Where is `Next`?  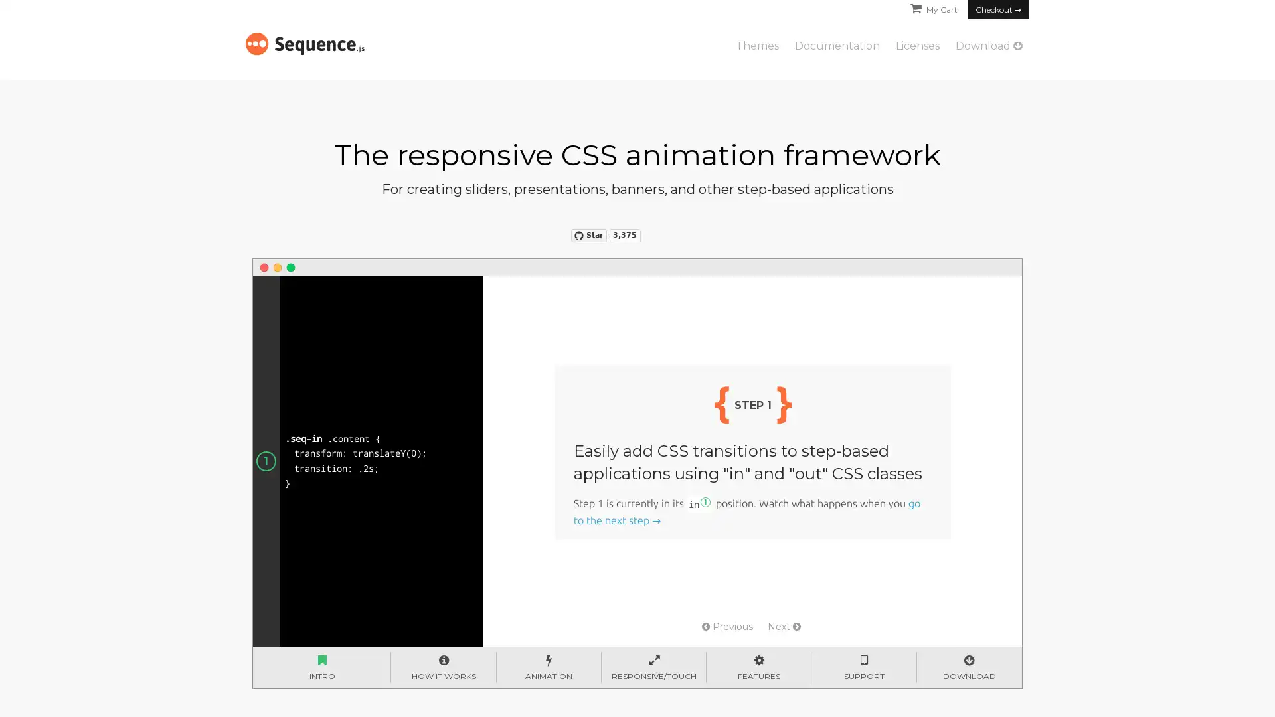 Next is located at coordinates (784, 627).